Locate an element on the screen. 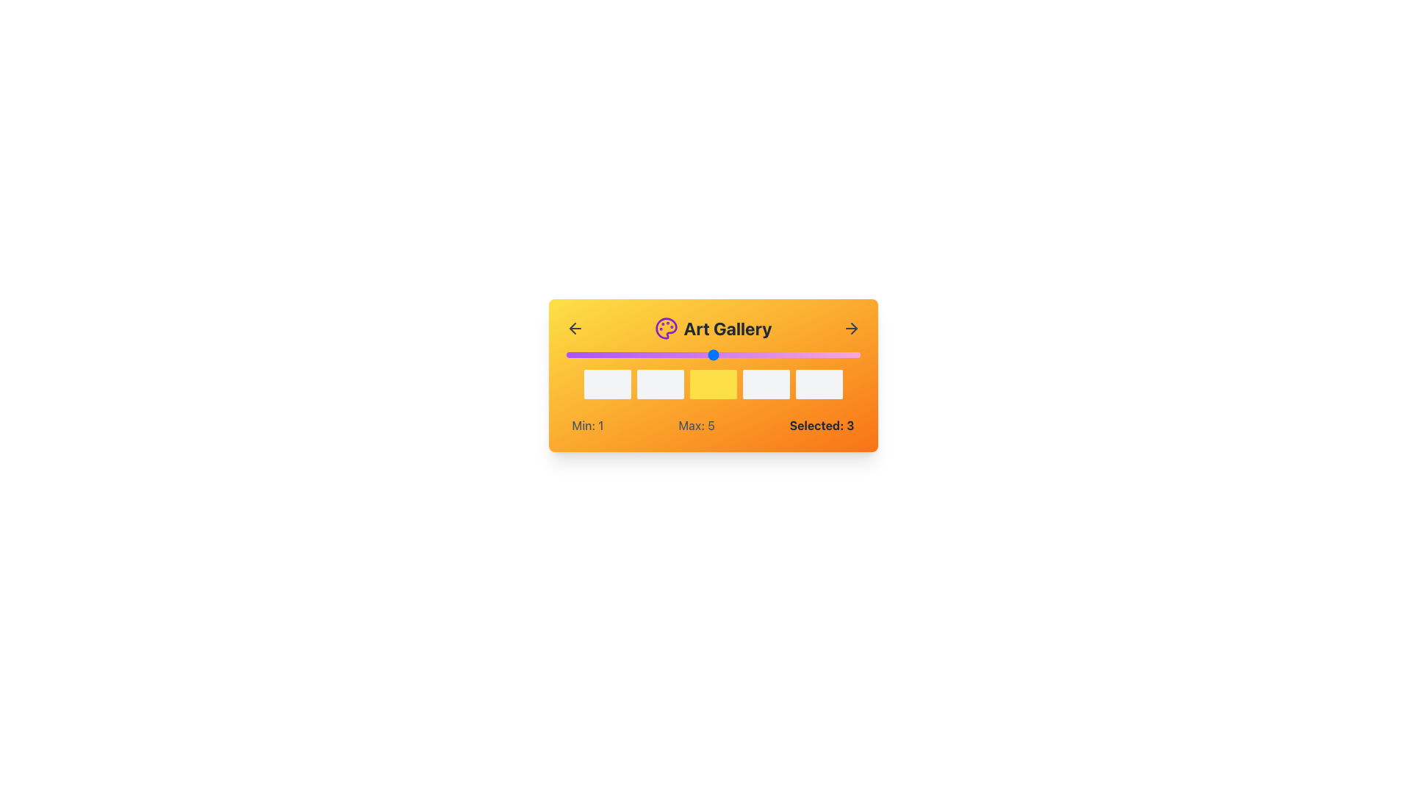 The width and height of the screenshot is (1411, 794). the yellow selectable option box is located at coordinates (713, 384).